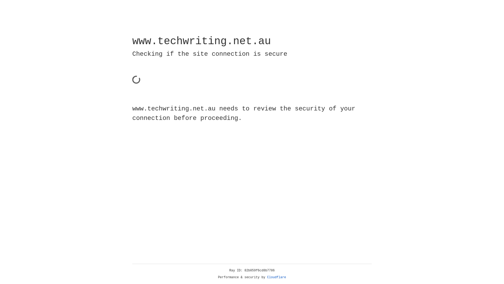 This screenshot has height=284, width=504. What do you see at coordinates (276, 277) in the screenshot?
I see `'Cloudflare'` at bounding box center [276, 277].